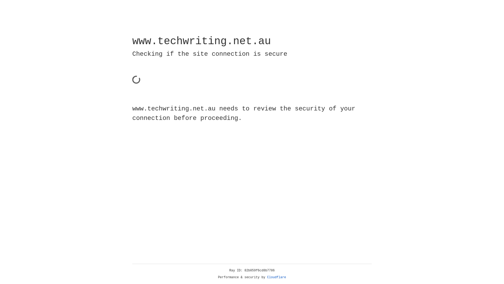 This screenshot has height=284, width=504. What do you see at coordinates (276, 277) in the screenshot?
I see `'Cloudflare'` at bounding box center [276, 277].